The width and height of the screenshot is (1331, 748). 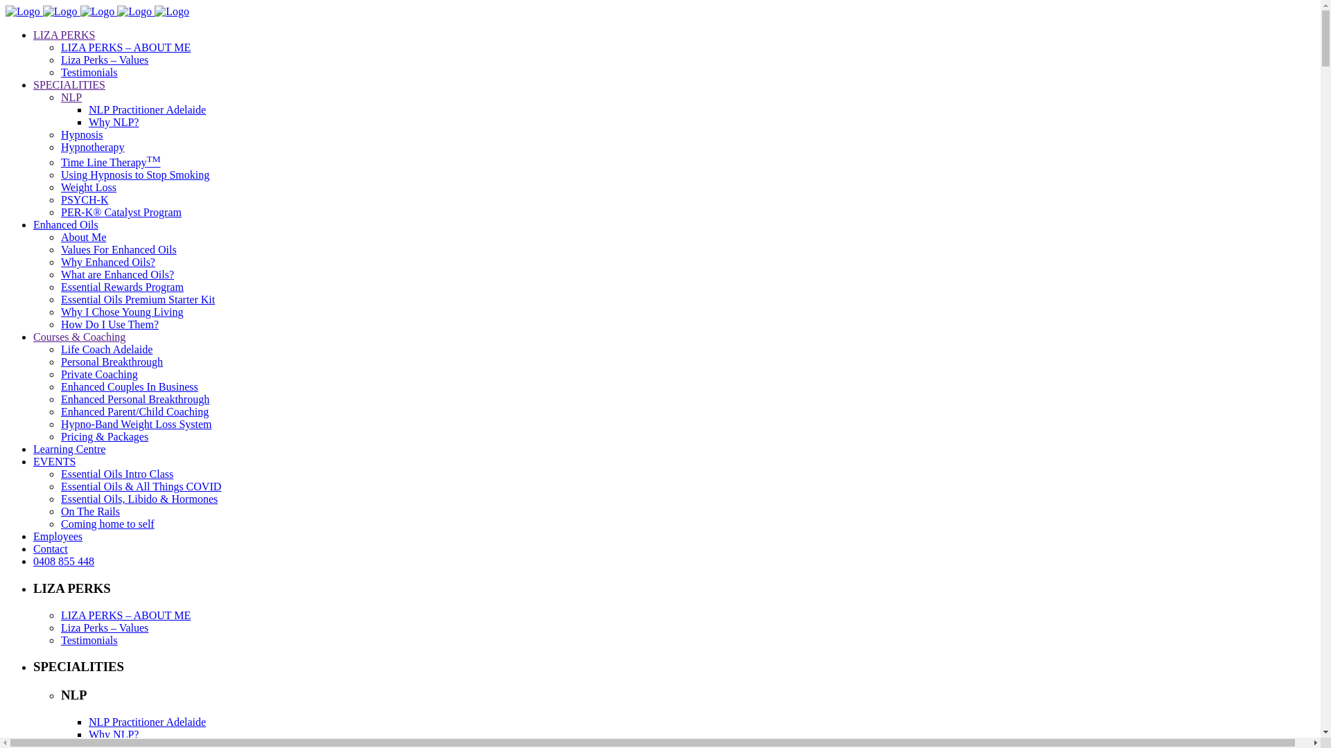 I want to click on 'Enhanced Personal Breakthrough', so click(x=135, y=399).